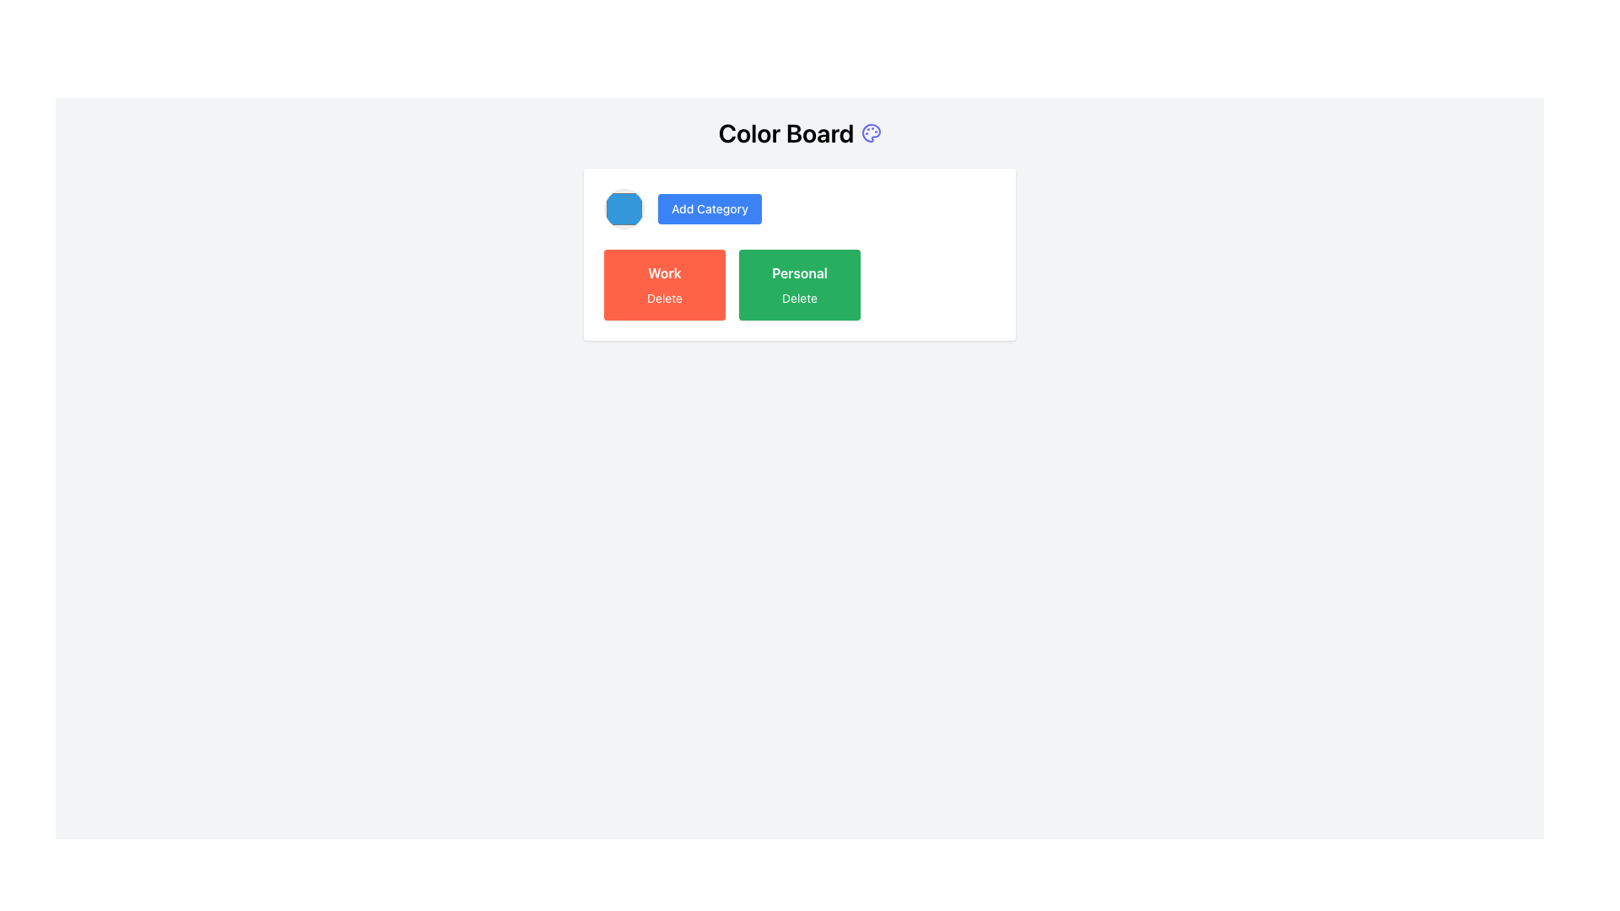 This screenshot has width=1620, height=911. Describe the element at coordinates (871, 132) in the screenshot. I see `the painter's palette icon with a blue outline, located to the right of the 'Color Board' text at the top of the interface` at that location.